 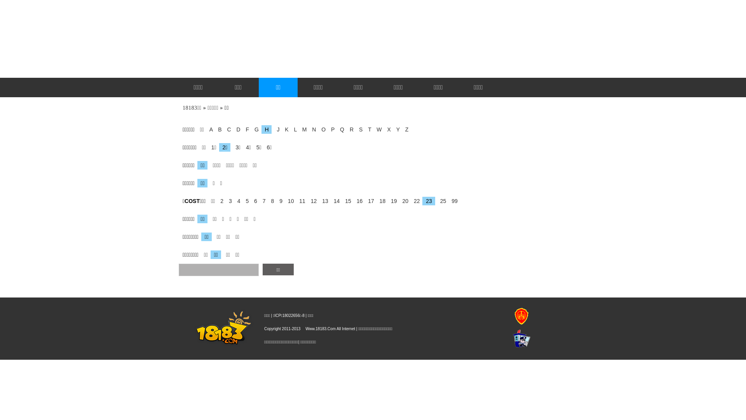 I want to click on 'D', so click(x=232, y=129).